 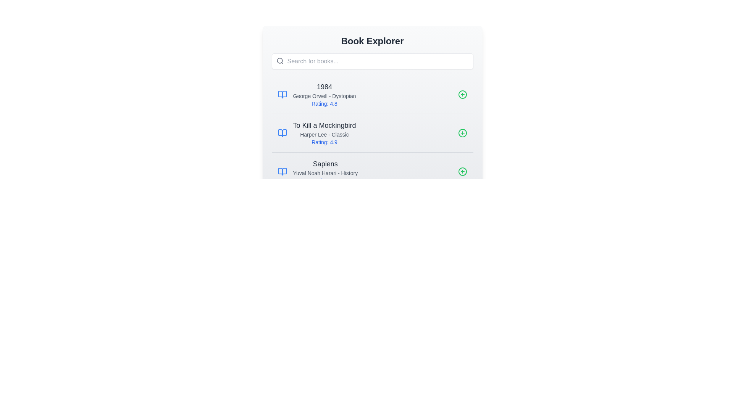 I want to click on the informational text label indicating the author and genre of the book 'Sapiens', located below the title and above the rating, so click(x=325, y=173).